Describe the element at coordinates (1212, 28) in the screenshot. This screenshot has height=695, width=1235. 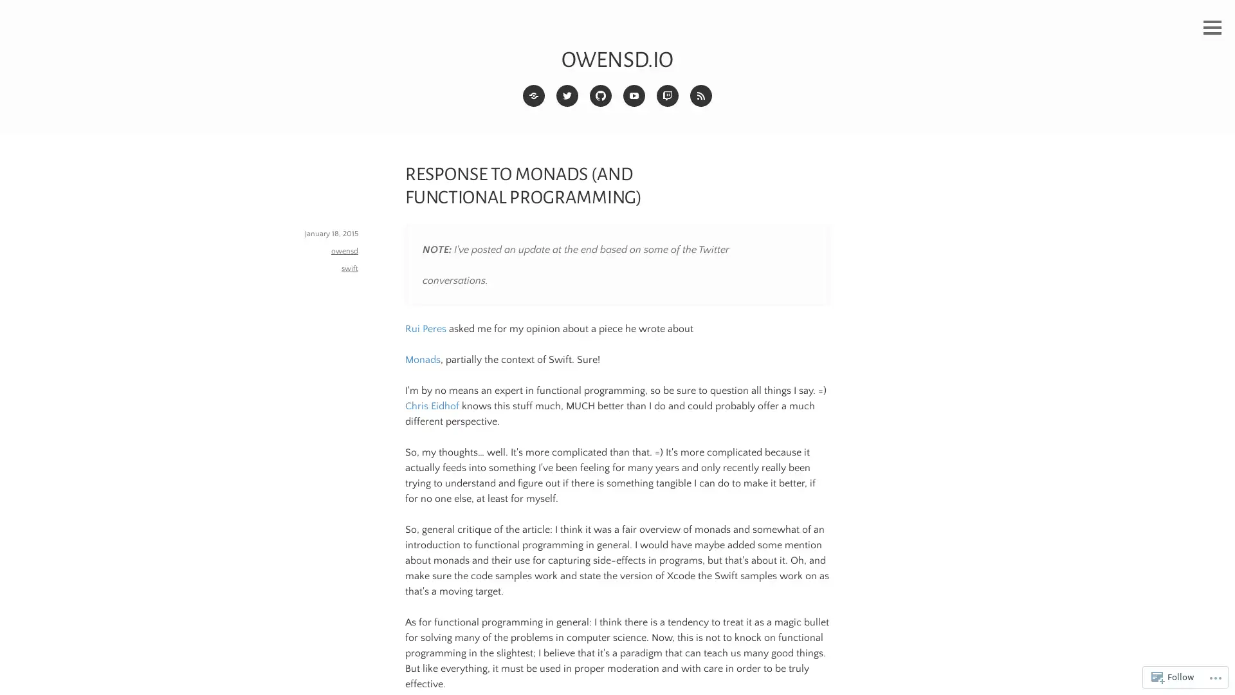
I see `Sidebar` at that location.